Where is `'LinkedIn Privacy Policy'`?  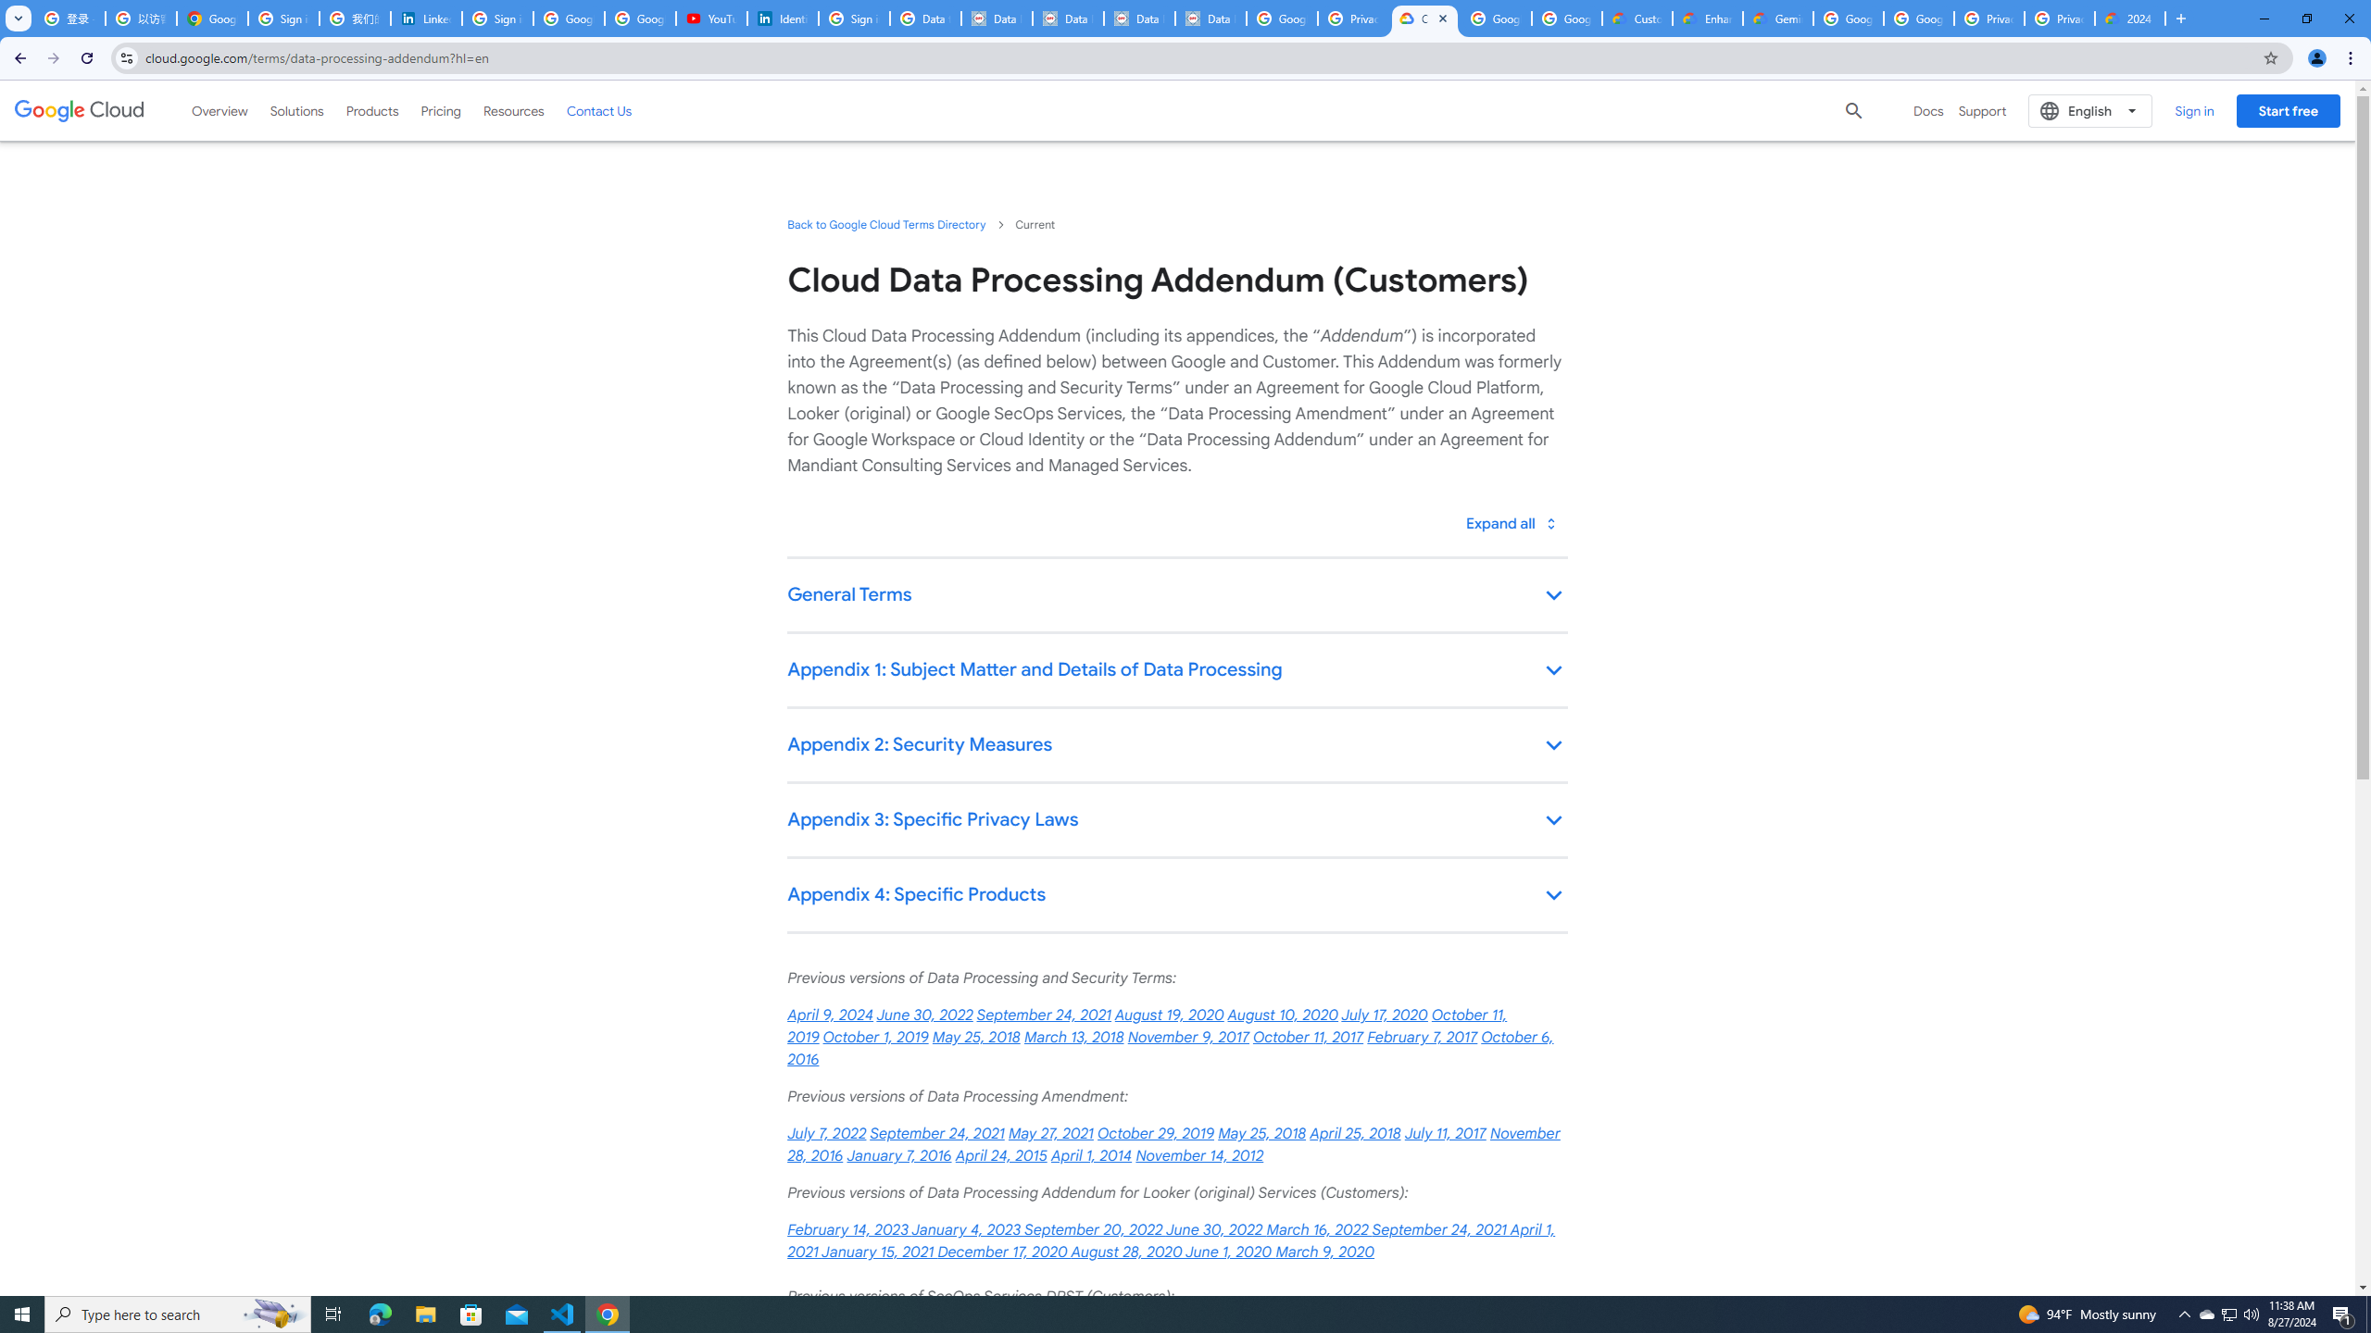
'LinkedIn Privacy Policy' is located at coordinates (424, 18).